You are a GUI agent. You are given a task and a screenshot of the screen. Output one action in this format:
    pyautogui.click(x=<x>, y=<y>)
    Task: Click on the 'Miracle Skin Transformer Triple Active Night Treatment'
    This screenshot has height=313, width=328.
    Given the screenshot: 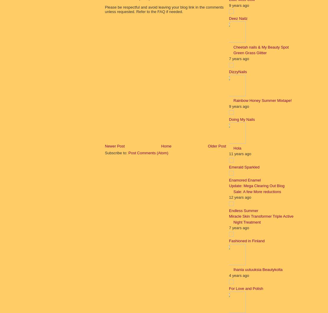 What is the action you would take?
    pyautogui.click(x=261, y=219)
    